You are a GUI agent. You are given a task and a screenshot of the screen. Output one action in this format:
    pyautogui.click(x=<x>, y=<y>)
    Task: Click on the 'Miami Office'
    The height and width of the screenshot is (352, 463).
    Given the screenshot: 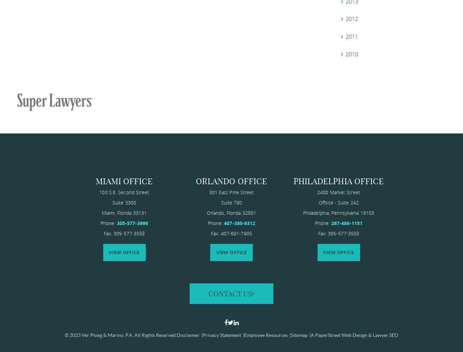 What is the action you would take?
    pyautogui.click(x=124, y=181)
    